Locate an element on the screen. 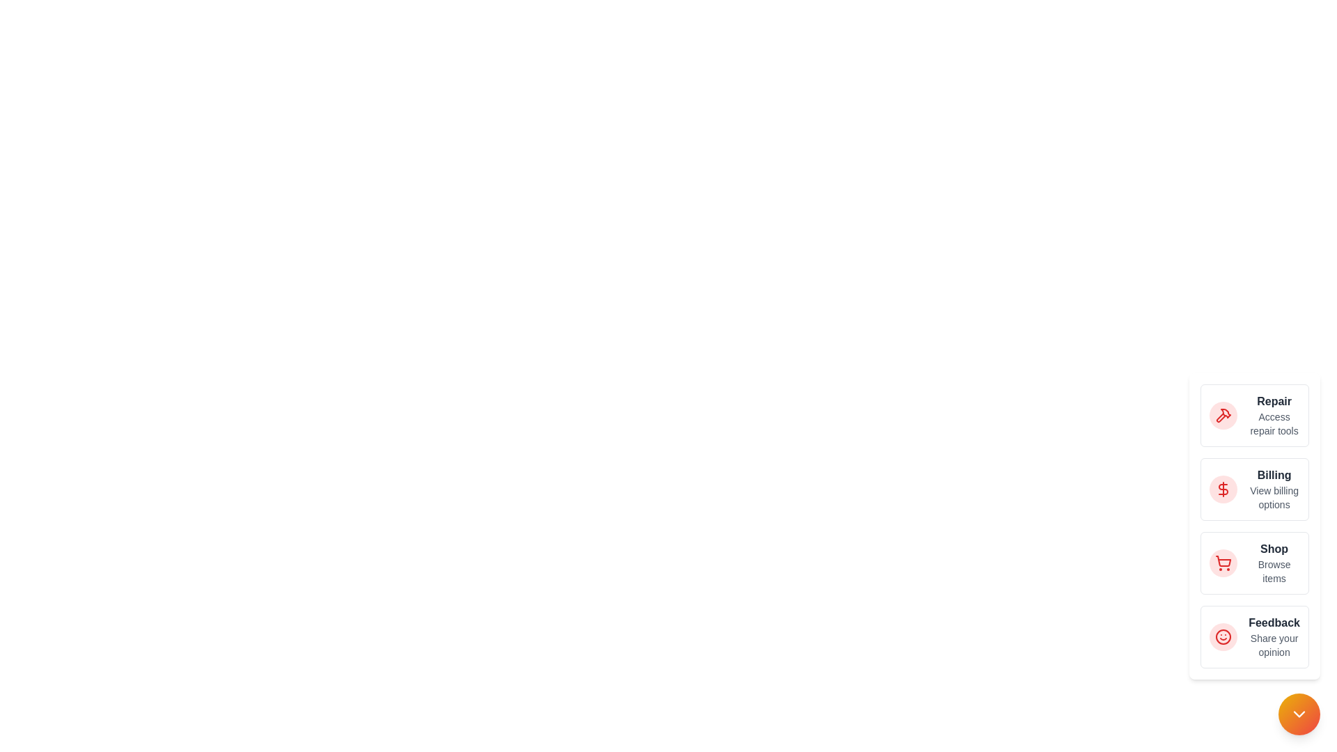 Image resolution: width=1337 pixels, height=752 pixels. the action labeled 'Shop' to highlight it is located at coordinates (1222, 563).